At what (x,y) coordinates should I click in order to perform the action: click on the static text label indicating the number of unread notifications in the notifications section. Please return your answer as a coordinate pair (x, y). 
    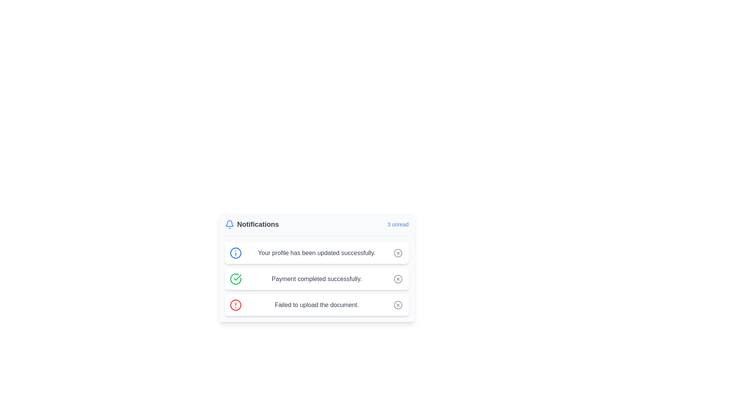
    Looking at the image, I should click on (398, 224).